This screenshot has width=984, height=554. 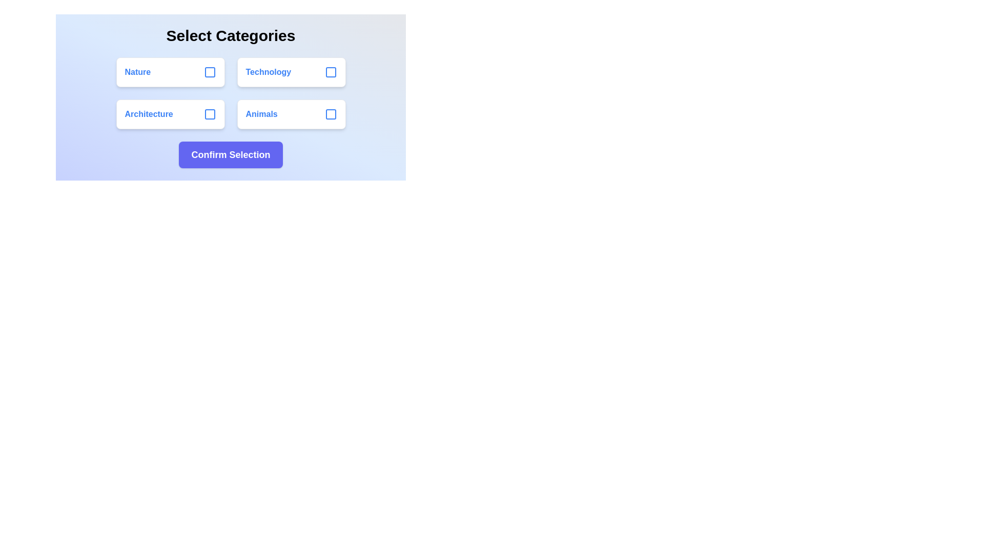 I want to click on the 'Confirm Selection' button to finalize the selection, so click(x=230, y=154).